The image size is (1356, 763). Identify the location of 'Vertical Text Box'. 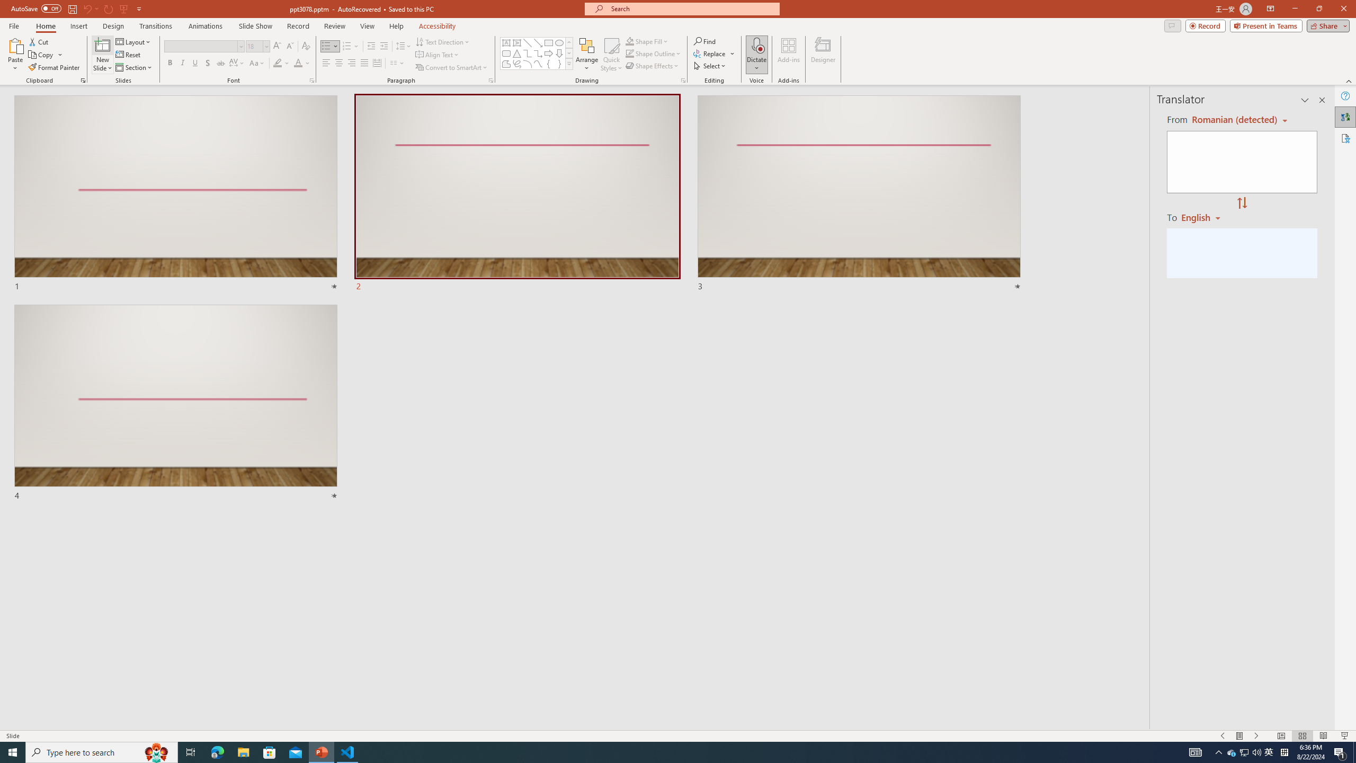
(516, 42).